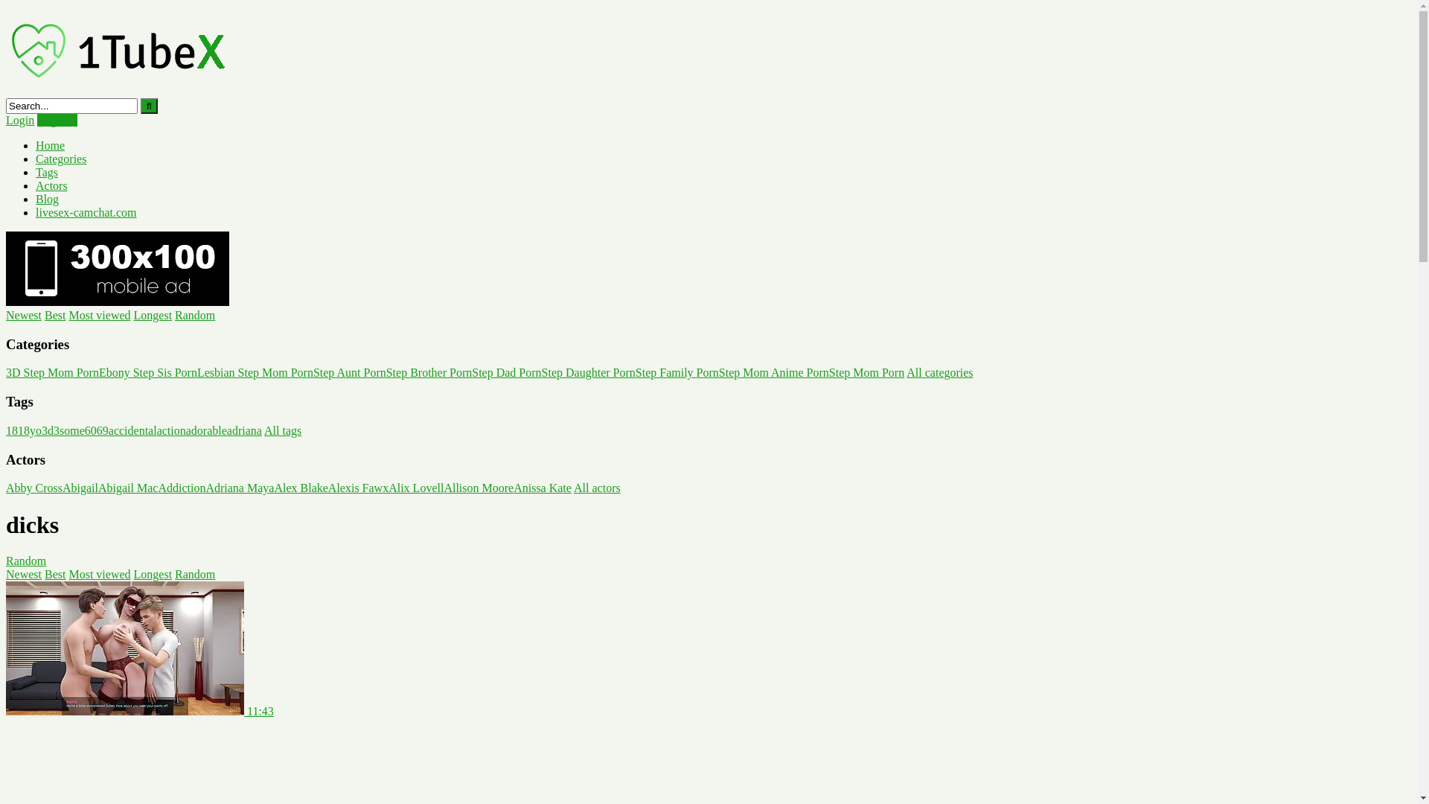 This screenshot has width=1429, height=804. Describe the element at coordinates (5, 5) in the screenshot. I see `'Skip to content'` at that location.